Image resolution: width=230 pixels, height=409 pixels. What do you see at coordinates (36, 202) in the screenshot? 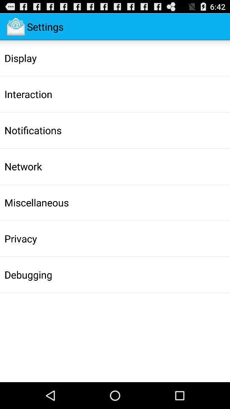
I see `the icon below the network icon` at bounding box center [36, 202].